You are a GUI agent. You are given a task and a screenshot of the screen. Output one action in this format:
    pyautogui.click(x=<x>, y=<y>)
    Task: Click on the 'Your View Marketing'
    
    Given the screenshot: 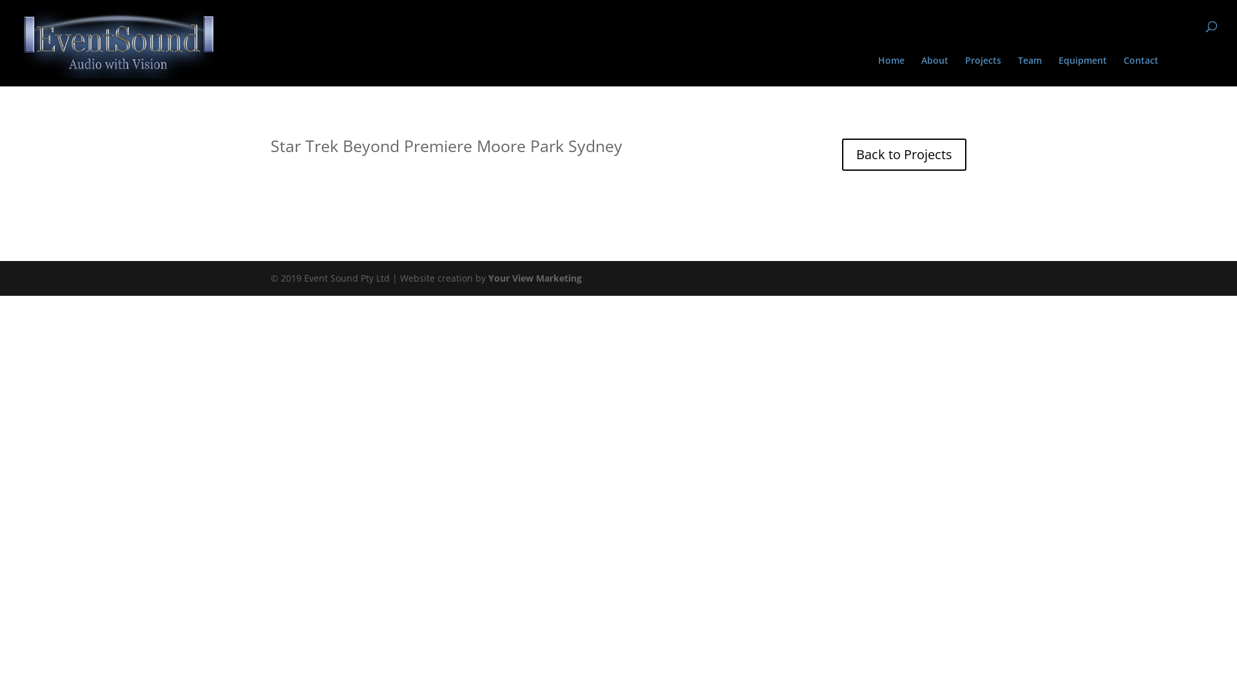 What is the action you would take?
    pyautogui.click(x=535, y=277)
    